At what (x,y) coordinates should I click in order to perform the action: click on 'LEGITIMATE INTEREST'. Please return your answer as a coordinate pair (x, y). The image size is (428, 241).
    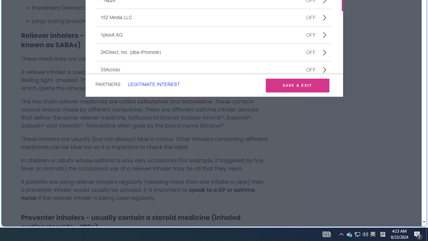
    Looking at the image, I should click on (153, 84).